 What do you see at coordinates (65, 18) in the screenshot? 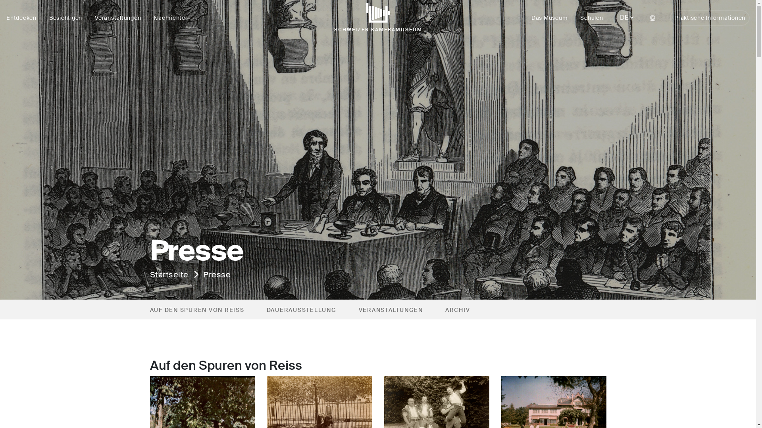
I see `'Besichtigen'` at bounding box center [65, 18].